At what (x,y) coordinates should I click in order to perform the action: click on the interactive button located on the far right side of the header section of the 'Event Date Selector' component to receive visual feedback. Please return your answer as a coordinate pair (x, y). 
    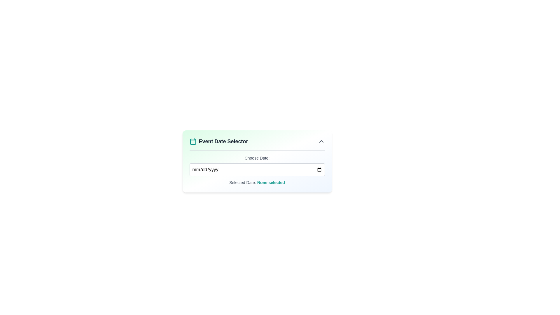
    Looking at the image, I should click on (321, 141).